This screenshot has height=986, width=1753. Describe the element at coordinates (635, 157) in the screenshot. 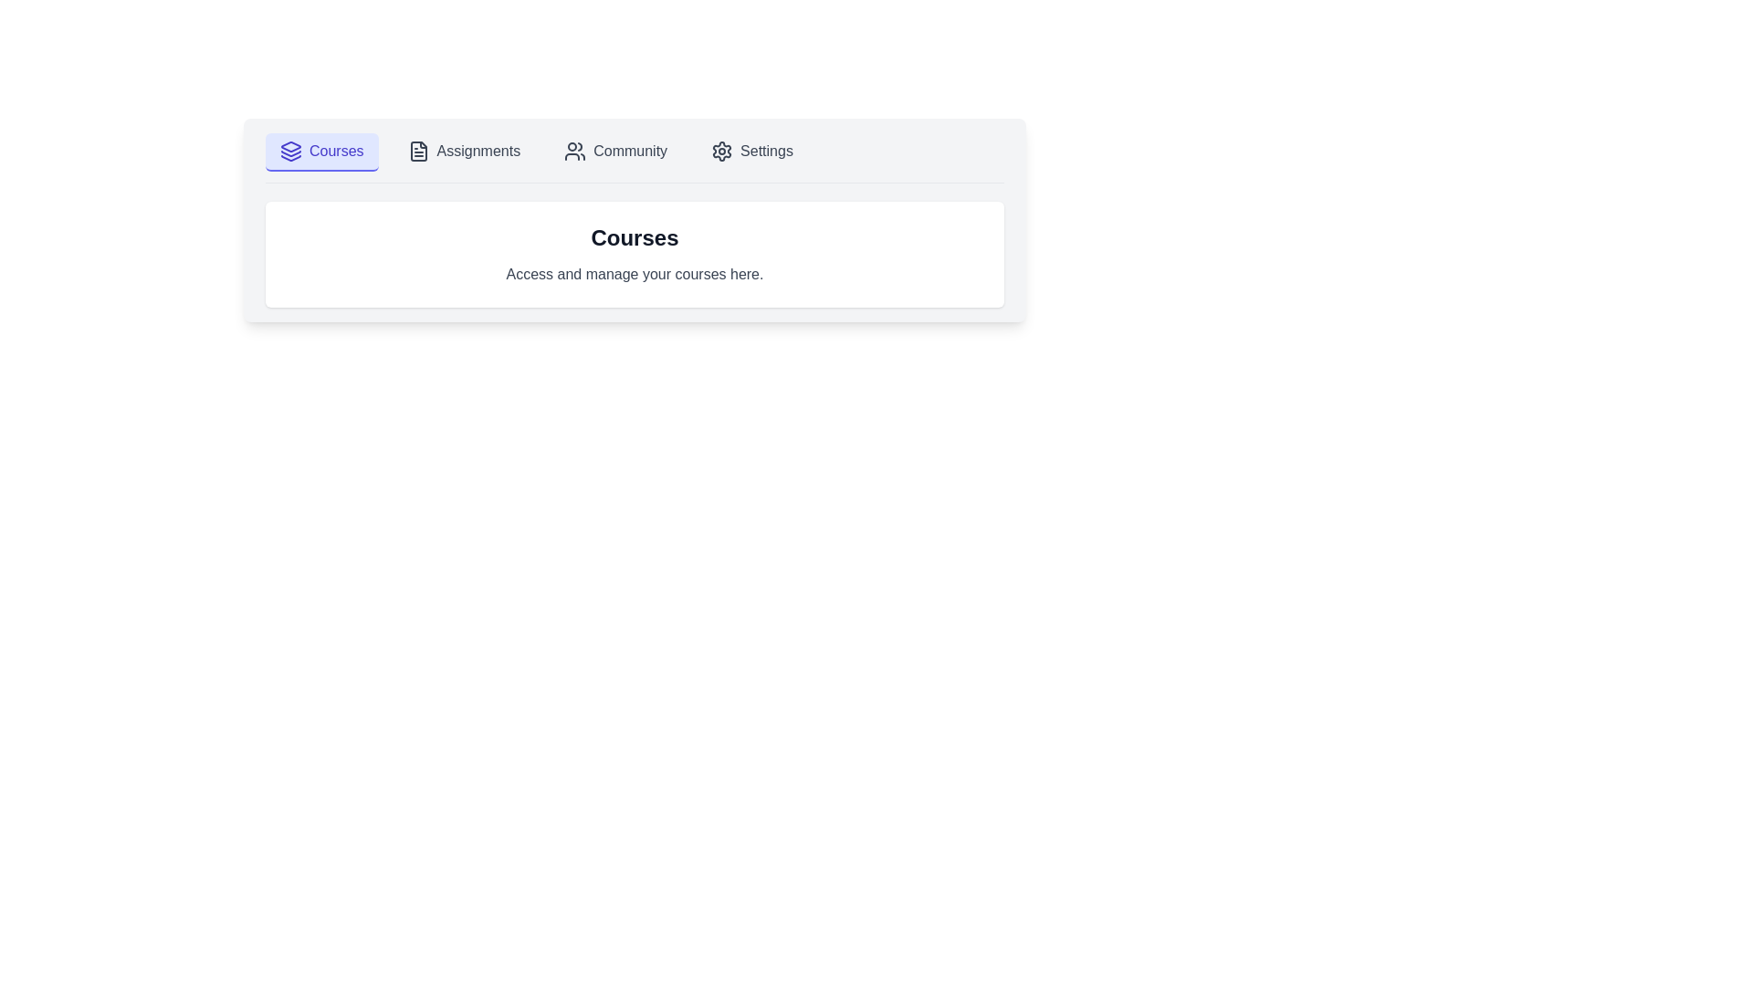

I see `the active 'Community' tab in the navigation bar` at that location.